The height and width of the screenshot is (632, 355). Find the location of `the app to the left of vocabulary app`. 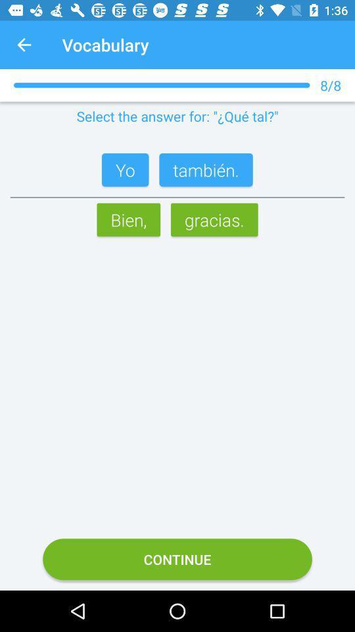

the app to the left of vocabulary app is located at coordinates (24, 45).